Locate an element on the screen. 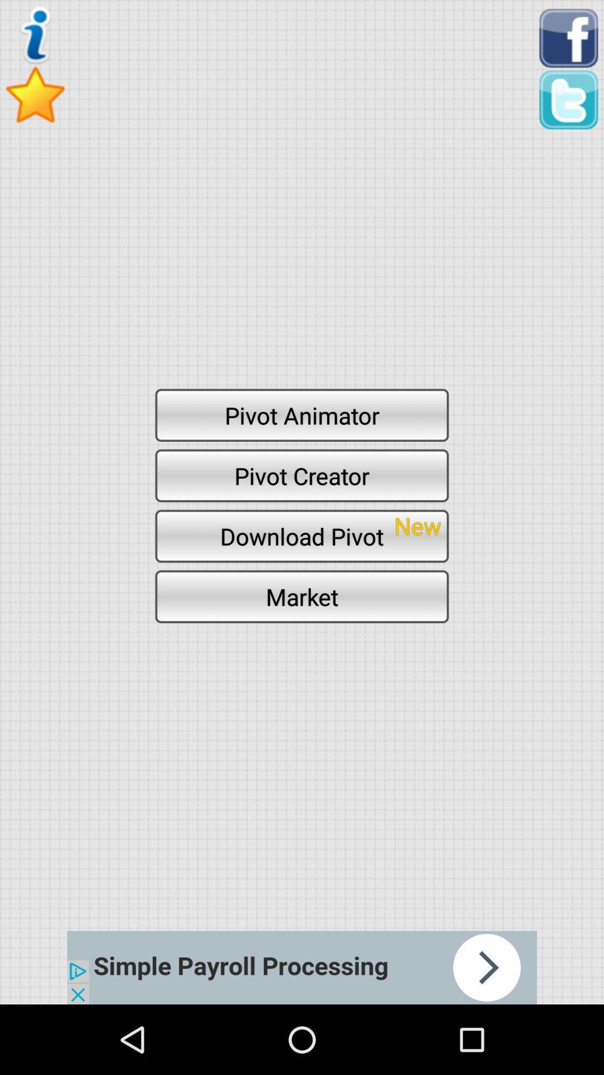 Image resolution: width=604 pixels, height=1075 pixels. item below the market item is located at coordinates (302, 967).